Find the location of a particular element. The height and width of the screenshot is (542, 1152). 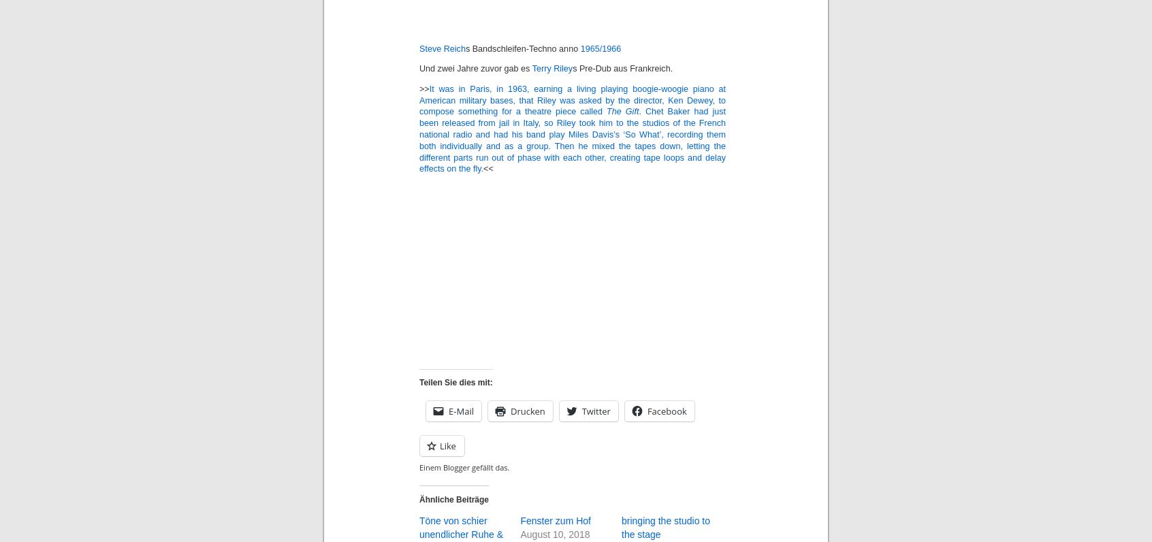

'<<' is located at coordinates (487, 169).